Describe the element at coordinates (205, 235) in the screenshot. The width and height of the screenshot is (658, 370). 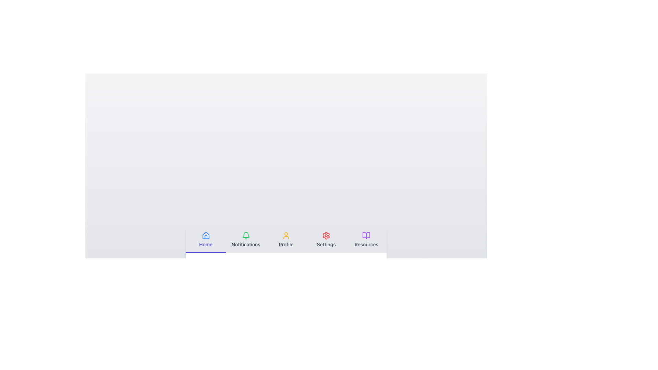
I see `the 'Home' icon located at the bottom left of the navigation bar` at that location.